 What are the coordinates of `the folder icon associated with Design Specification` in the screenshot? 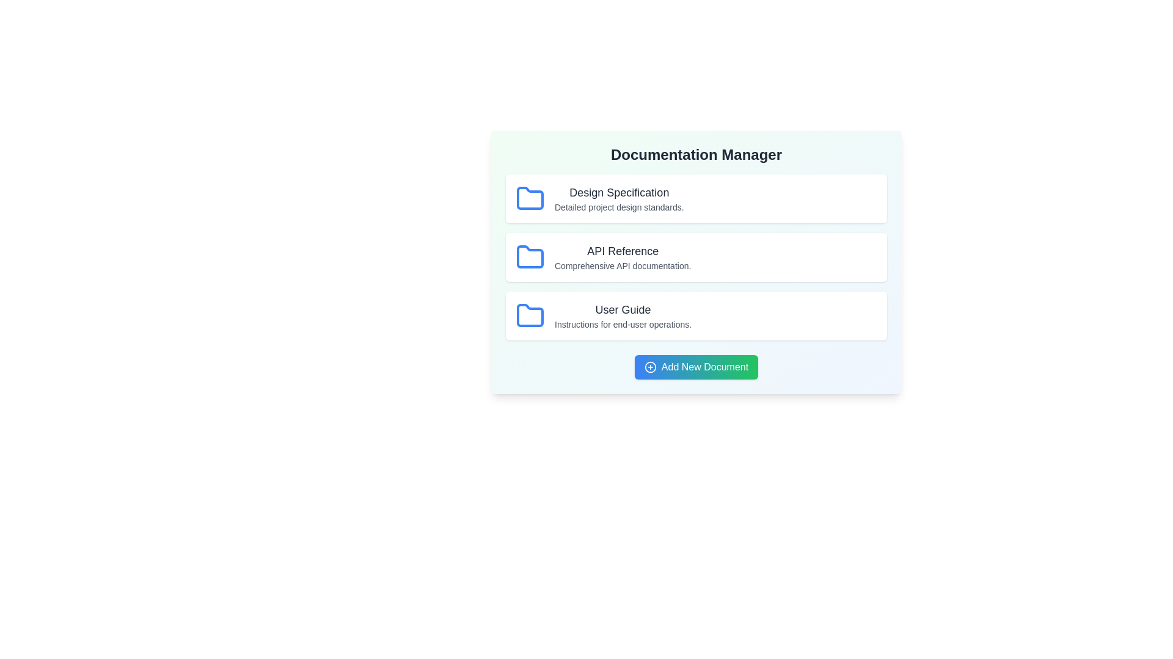 It's located at (530, 198).